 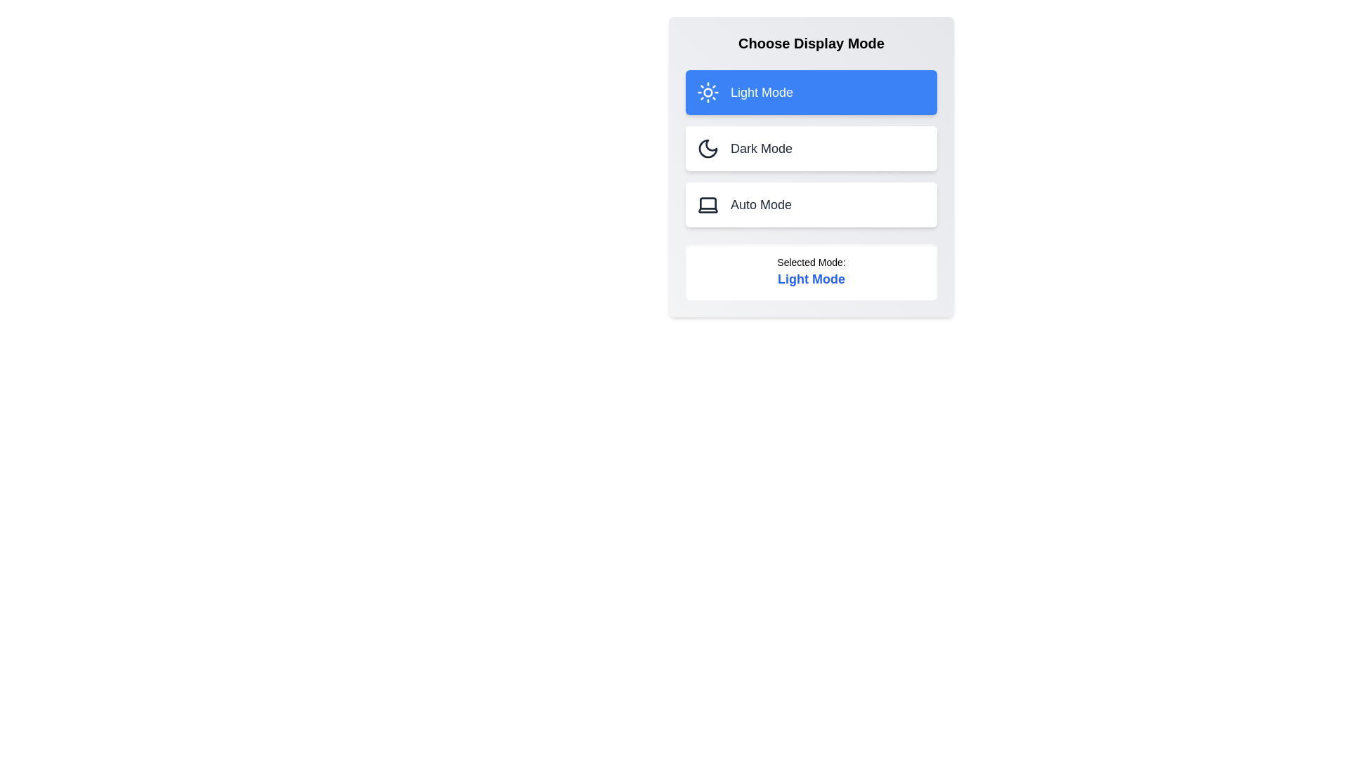 What do you see at coordinates (812, 92) in the screenshot?
I see `the button corresponding to Light Mode to select the desired display mode` at bounding box center [812, 92].